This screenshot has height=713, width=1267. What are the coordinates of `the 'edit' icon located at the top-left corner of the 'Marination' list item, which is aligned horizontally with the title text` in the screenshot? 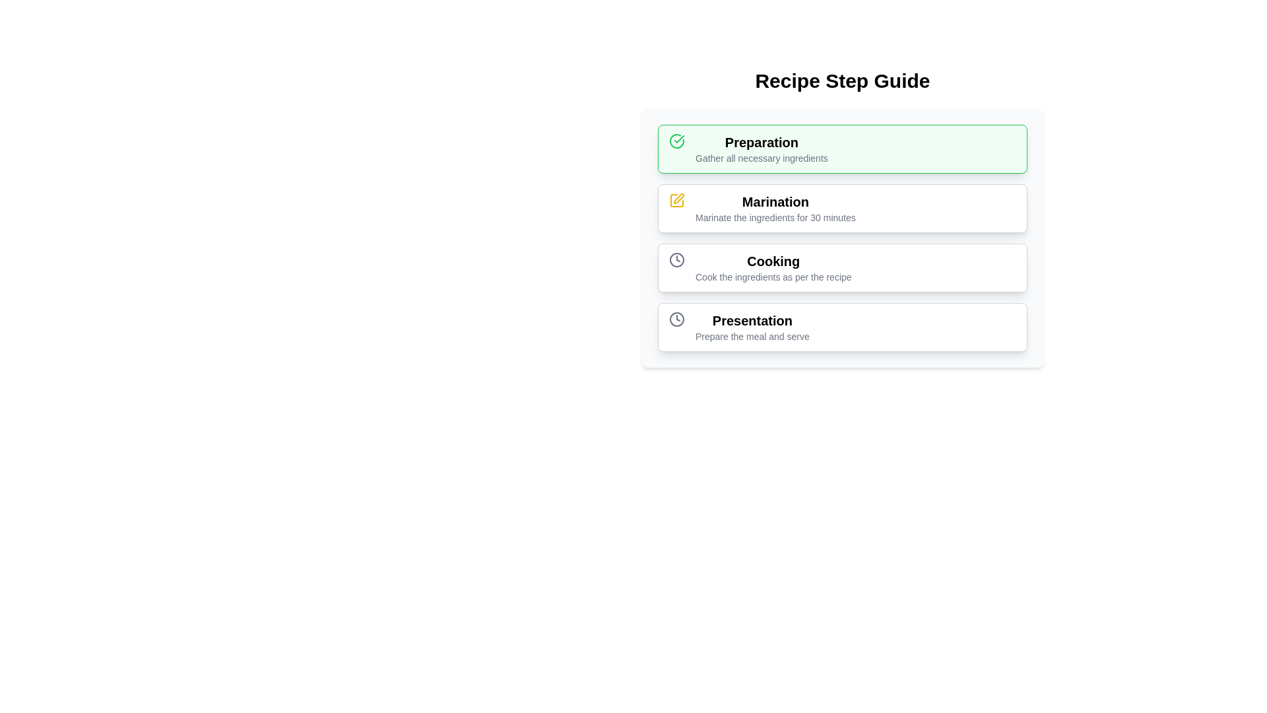 It's located at (677, 201).